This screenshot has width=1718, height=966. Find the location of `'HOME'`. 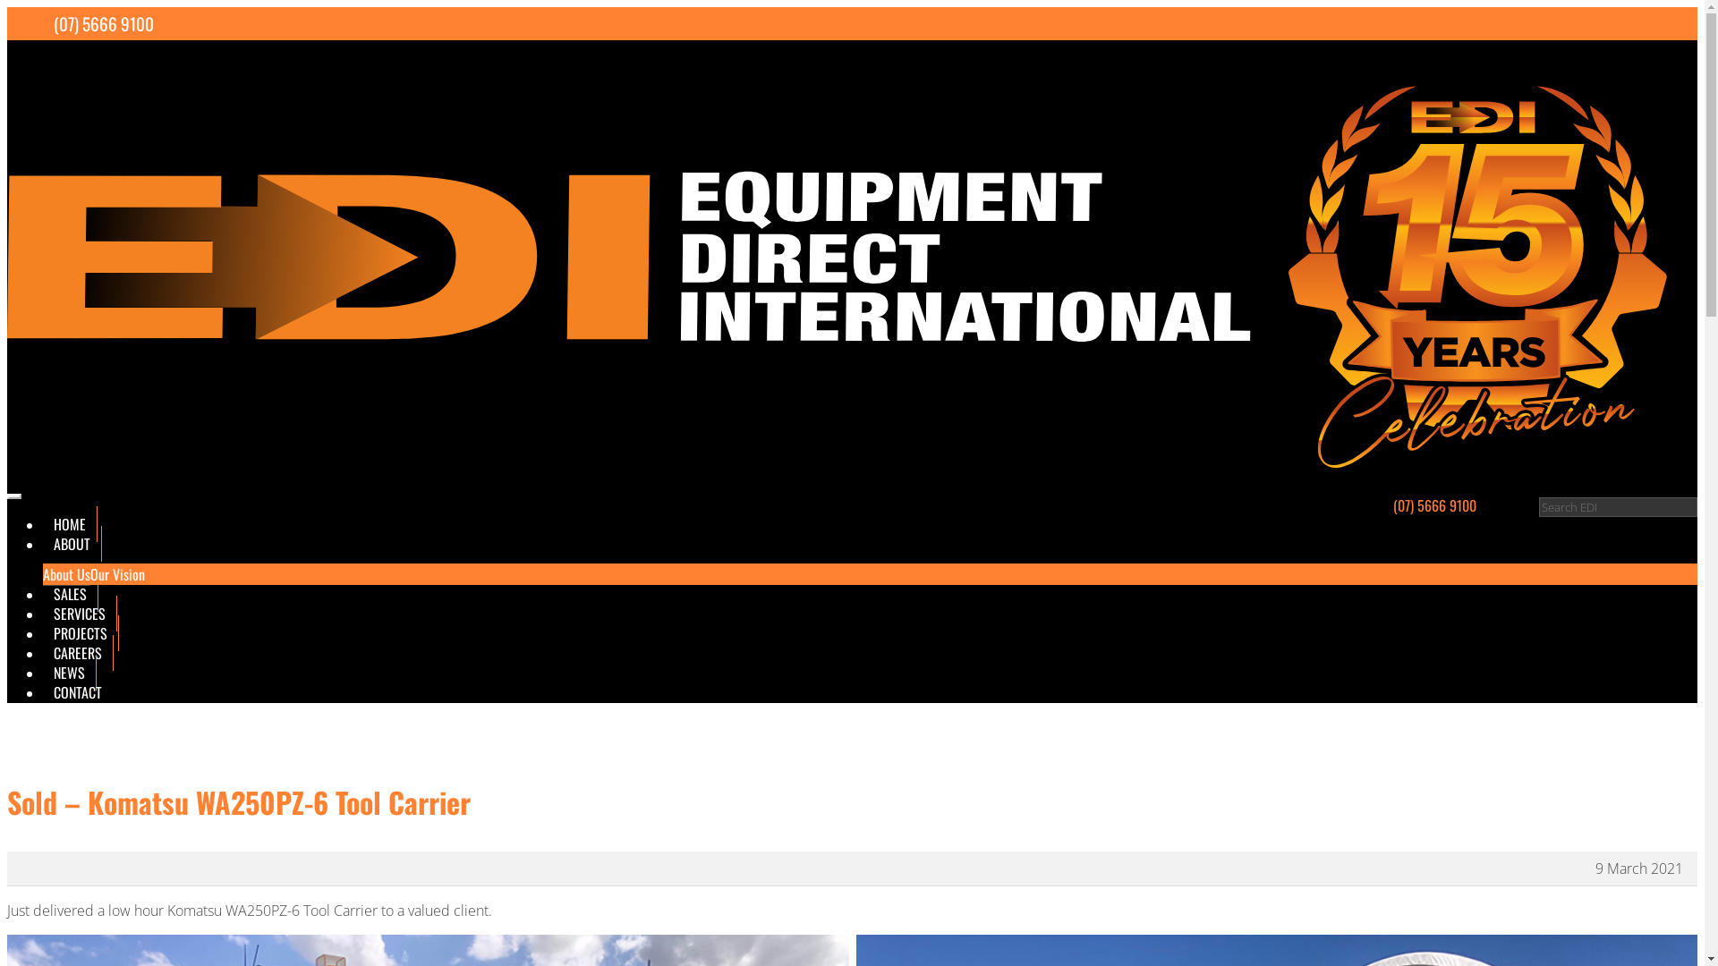

'HOME' is located at coordinates (70, 523).